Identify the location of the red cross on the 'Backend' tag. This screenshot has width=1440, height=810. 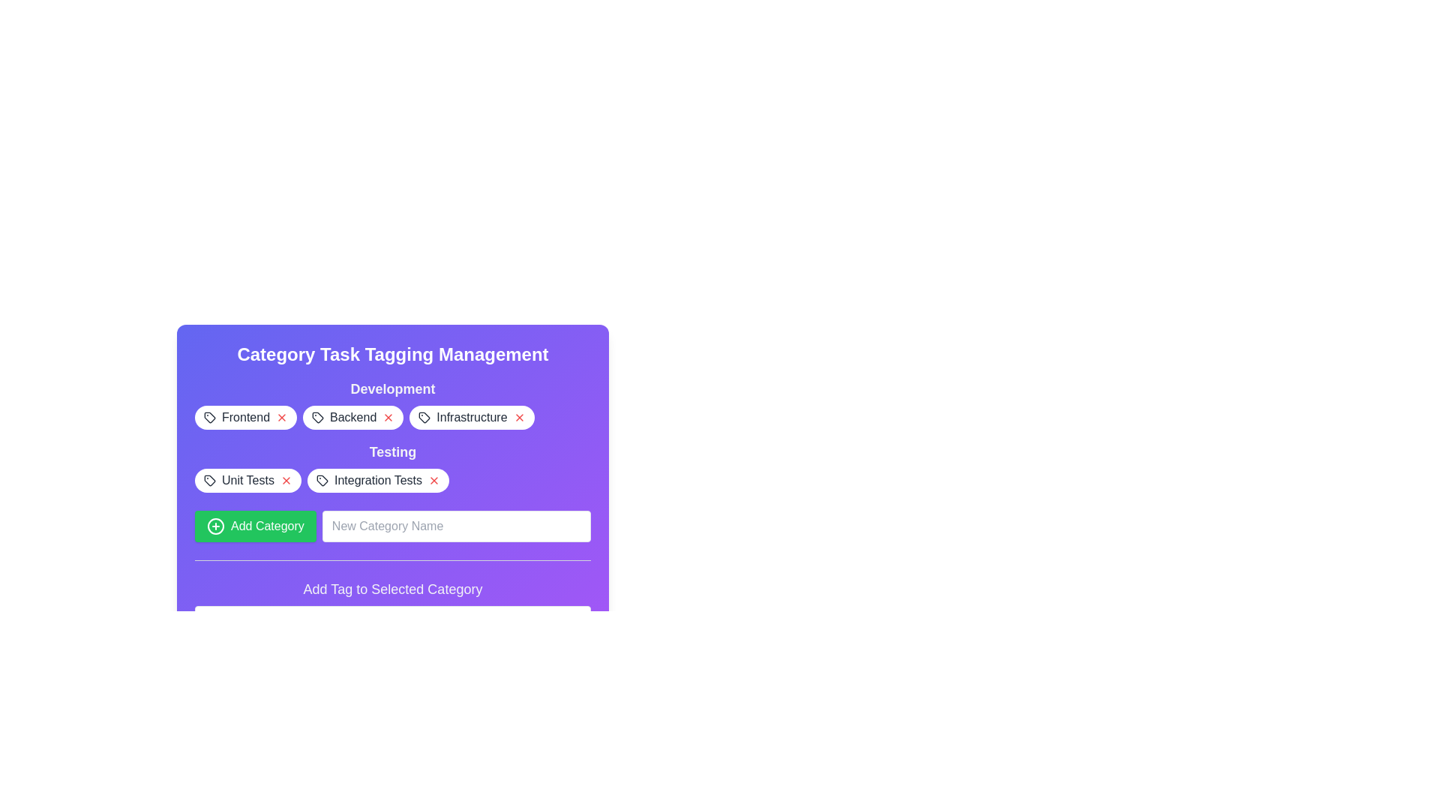
(352, 417).